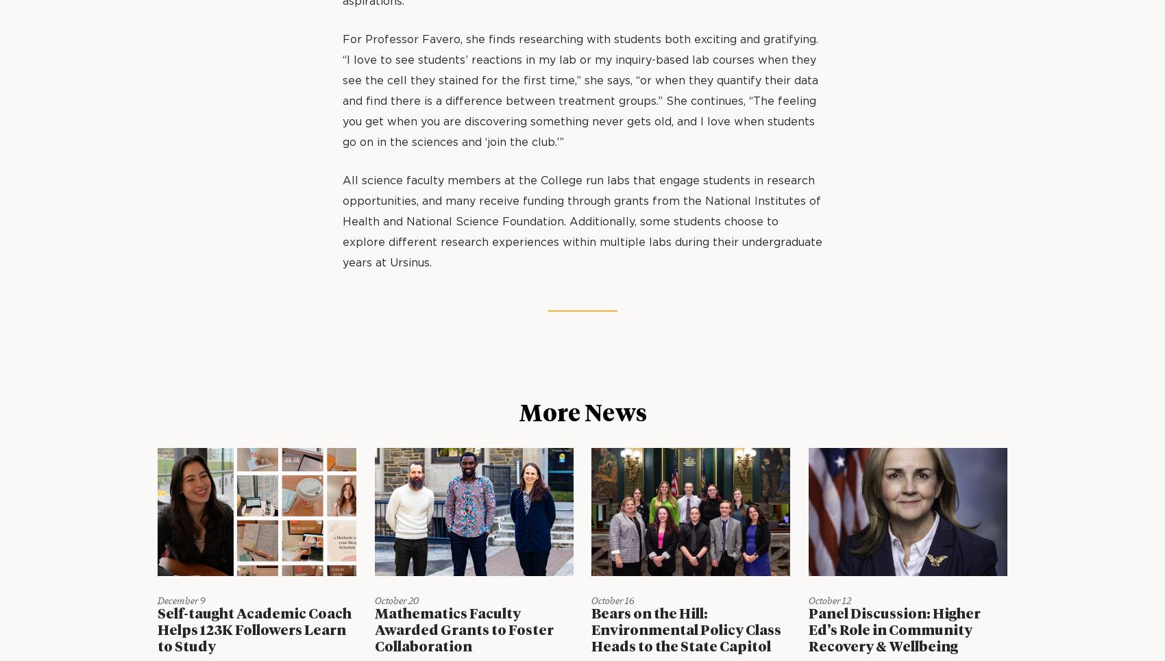  Describe the element at coordinates (182, 600) in the screenshot. I see `'December 9'` at that location.